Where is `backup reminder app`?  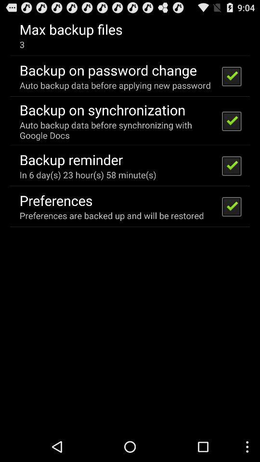
backup reminder app is located at coordinates (71, 159).